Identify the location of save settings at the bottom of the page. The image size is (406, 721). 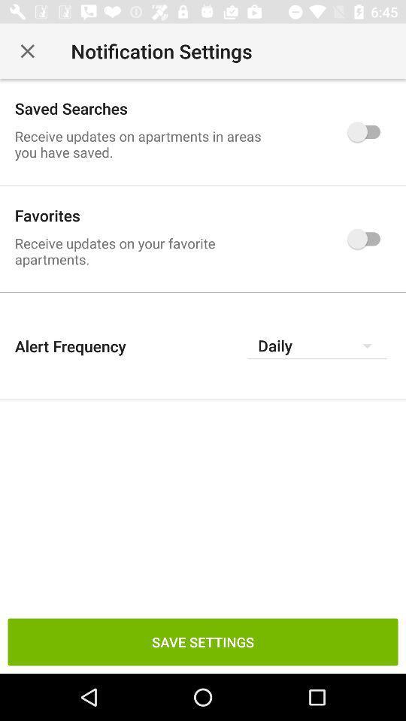
(203, 641).